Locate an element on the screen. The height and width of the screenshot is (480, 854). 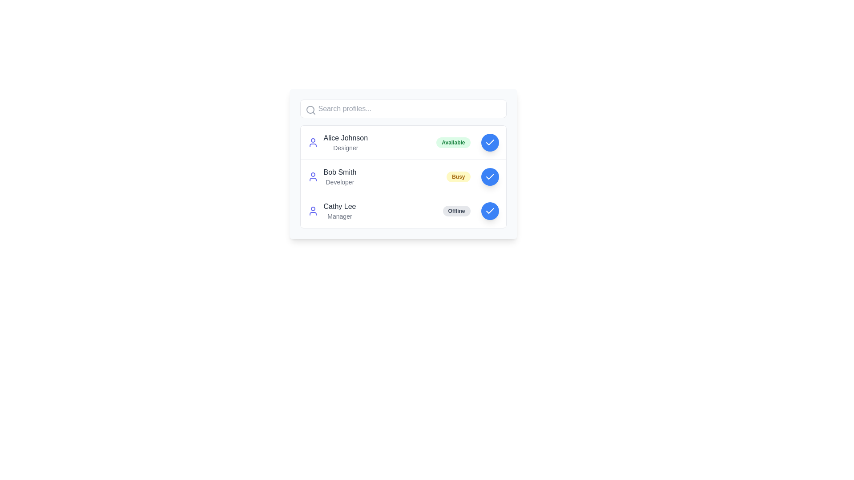
the status indicator of the user profile summary that is the third item in the list, located below 'Alice Johnson' and 'Bob Smith' is located at coordinates (403, 211).